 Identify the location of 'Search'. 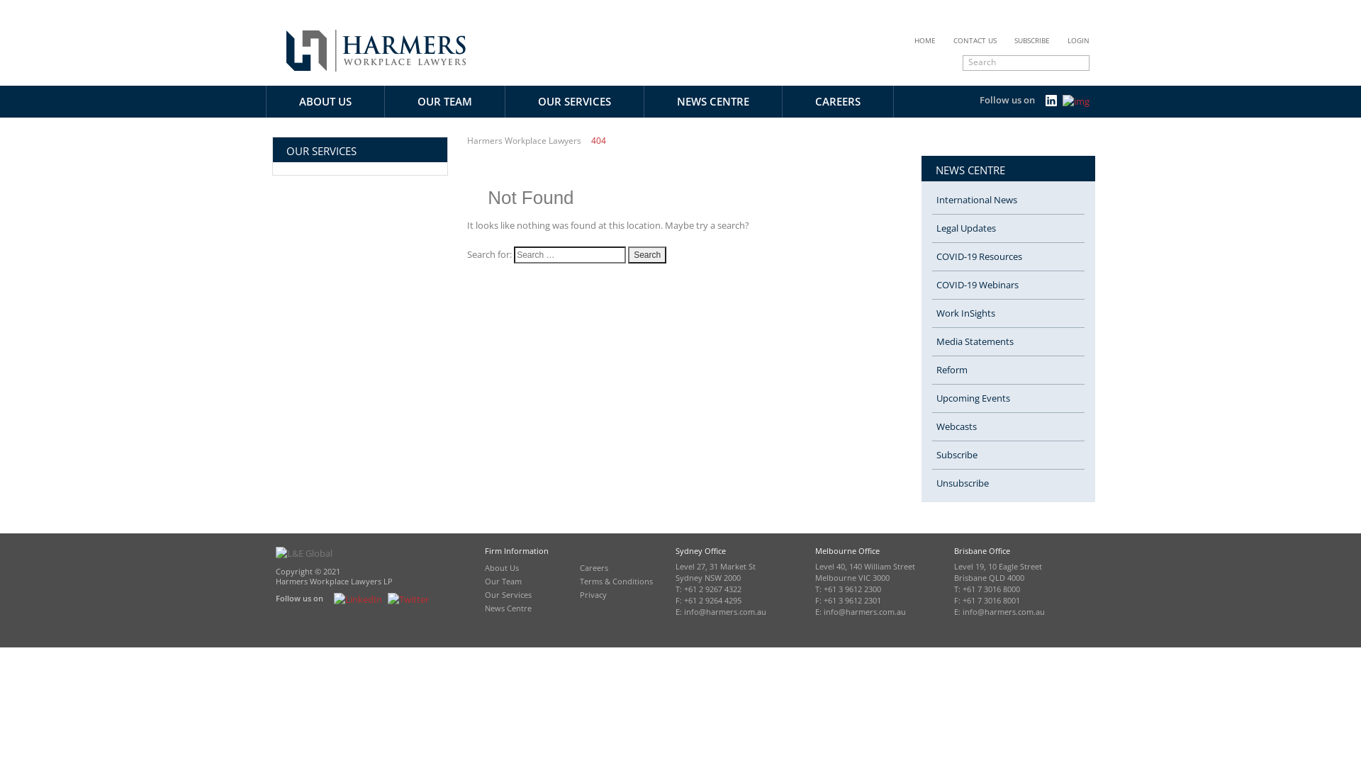
(646, 254).